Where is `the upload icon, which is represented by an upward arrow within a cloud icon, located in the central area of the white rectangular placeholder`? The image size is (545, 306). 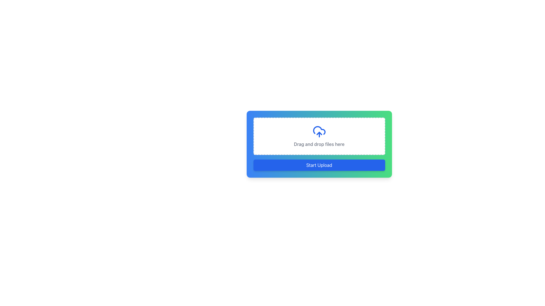 the upload icon, which is represented by an upward arrow within a cloud icon, located in the central area of the white rectangular placeholder is located at coordinates (319, 133).